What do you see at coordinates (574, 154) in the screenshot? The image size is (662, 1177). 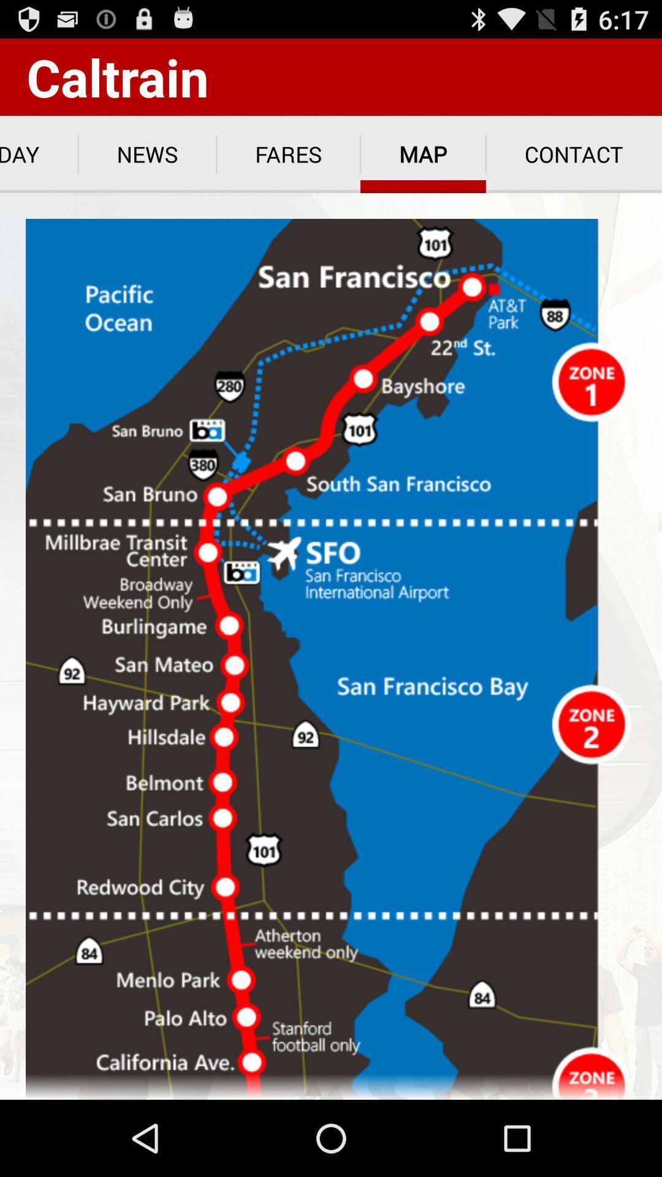 I see `the contact` at bounding box center [574, 154].